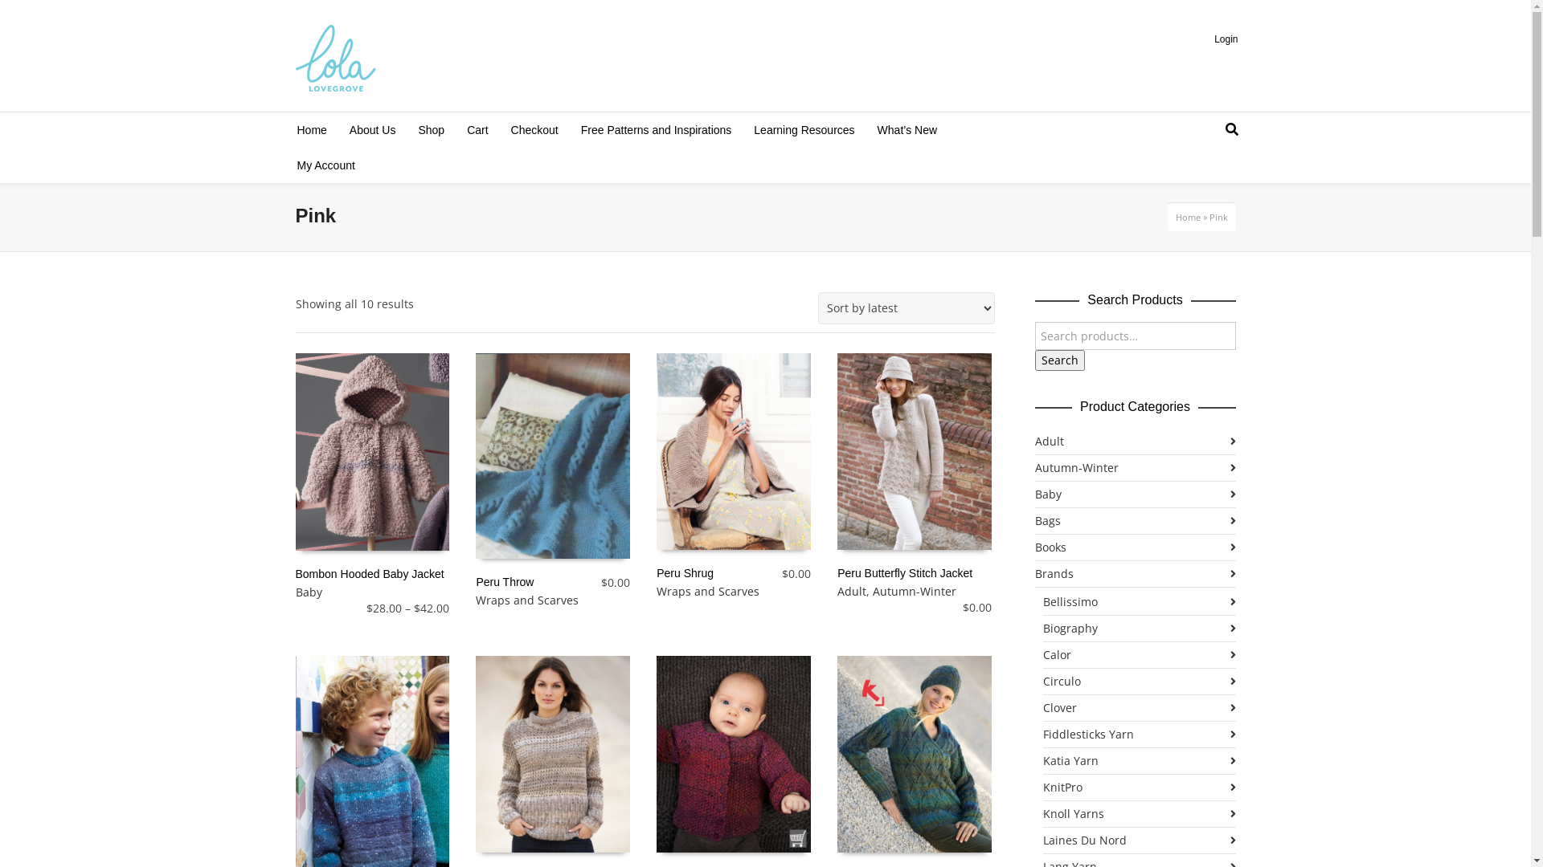 This screenshot has height=867, width=1543. What do you see at coordinates (408, 129) in the screenshot?
I see `'Shop'` at bounding box center [408, 129].